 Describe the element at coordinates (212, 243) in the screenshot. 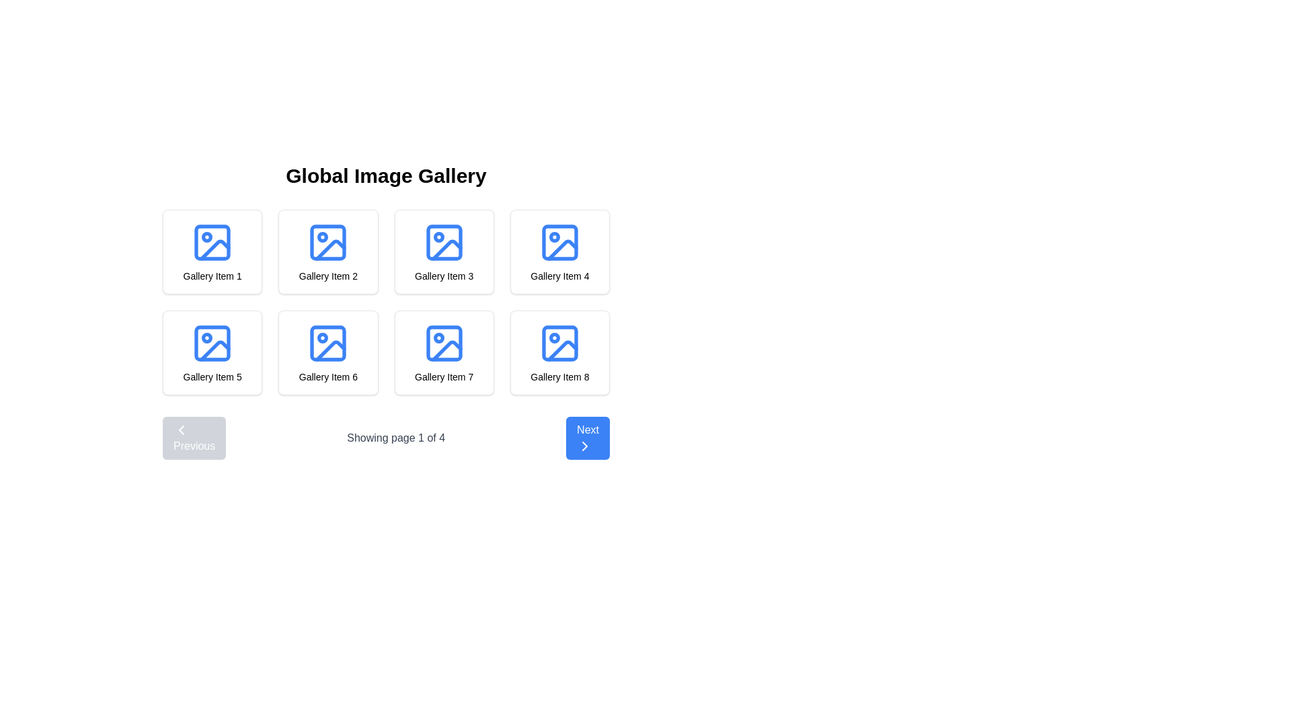

I see `the Gallery Item 1 icon, which is a rounded rectangle with a blue outline and resembles a picture frame with a smaller circle inside` at that location.